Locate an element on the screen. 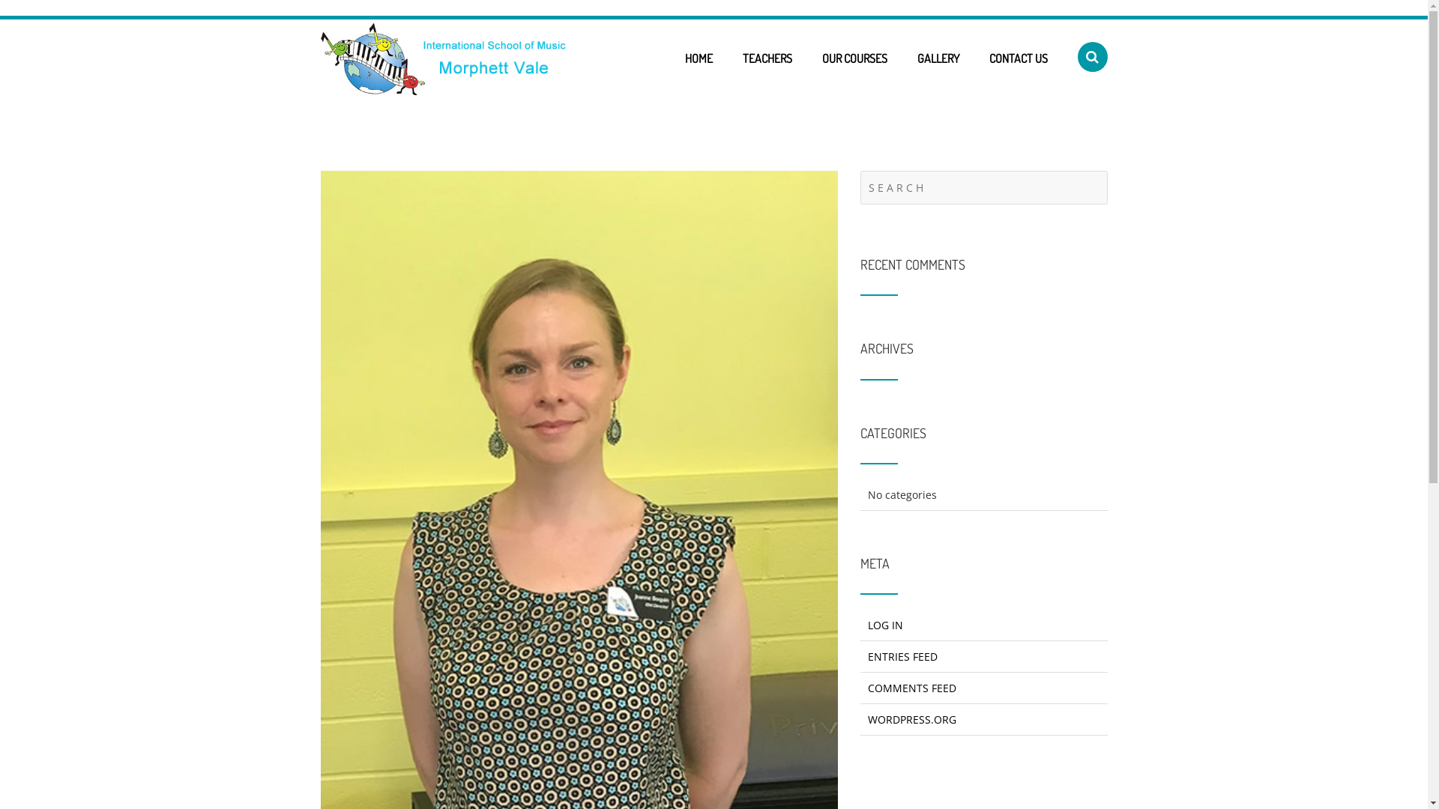  'TEACHERS' is located at coordinates (766, 57).